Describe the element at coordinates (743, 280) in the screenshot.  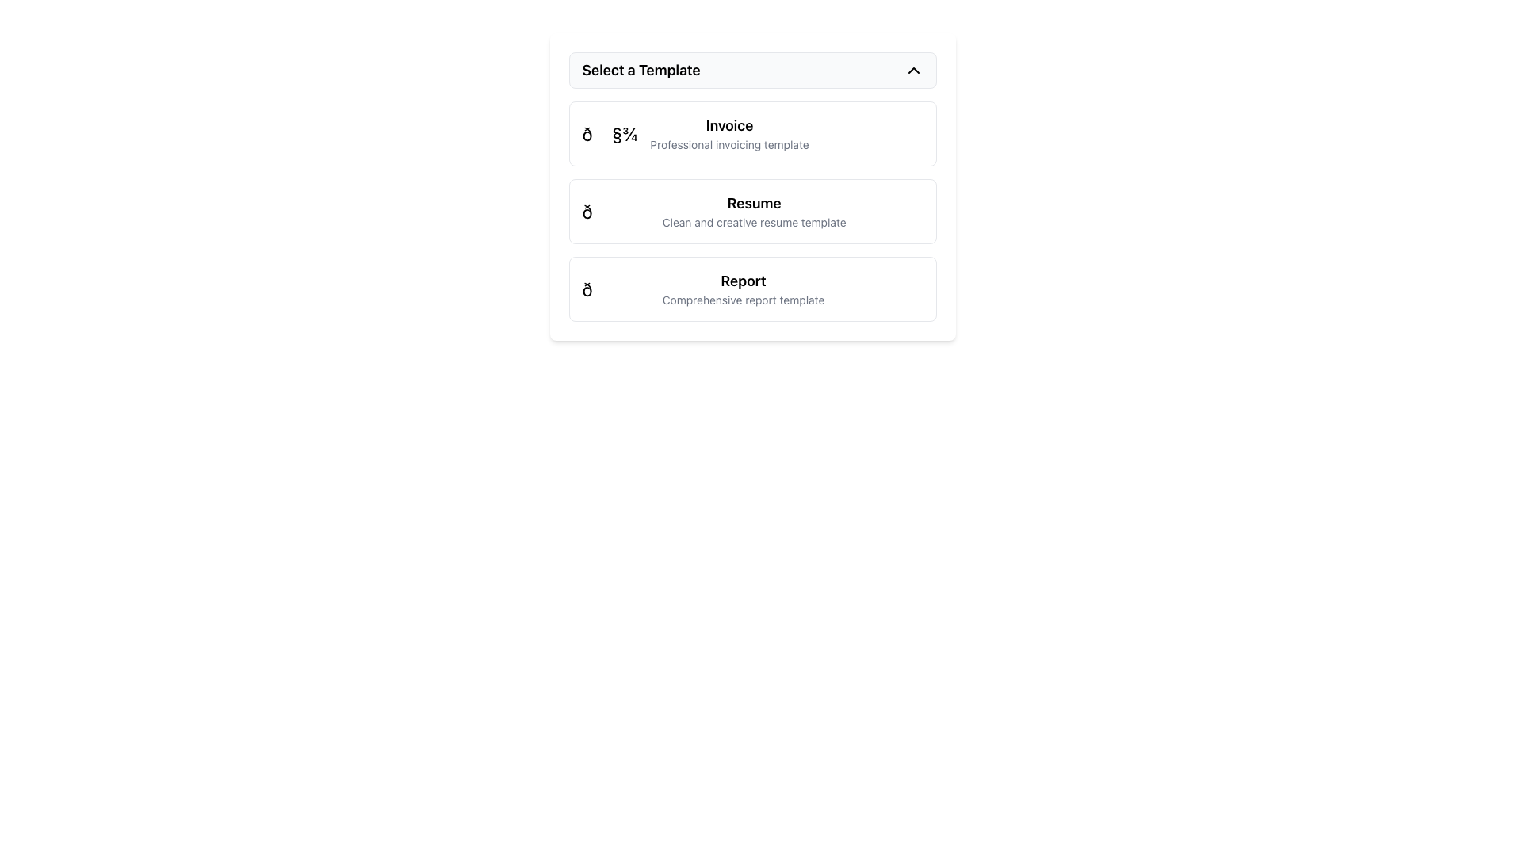
I see `the 'Report' text label, which is styled with bold emphasis and larger font size, indicating it serves as the main title in the 'Select a Template' section` at that location.